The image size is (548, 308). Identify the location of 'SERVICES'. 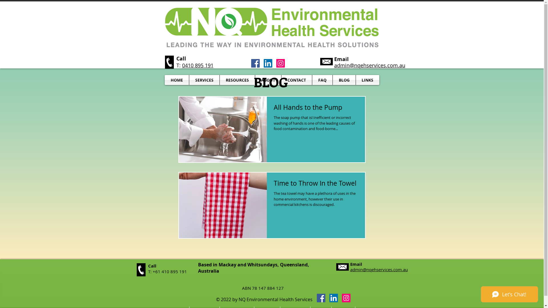
(204, 80).